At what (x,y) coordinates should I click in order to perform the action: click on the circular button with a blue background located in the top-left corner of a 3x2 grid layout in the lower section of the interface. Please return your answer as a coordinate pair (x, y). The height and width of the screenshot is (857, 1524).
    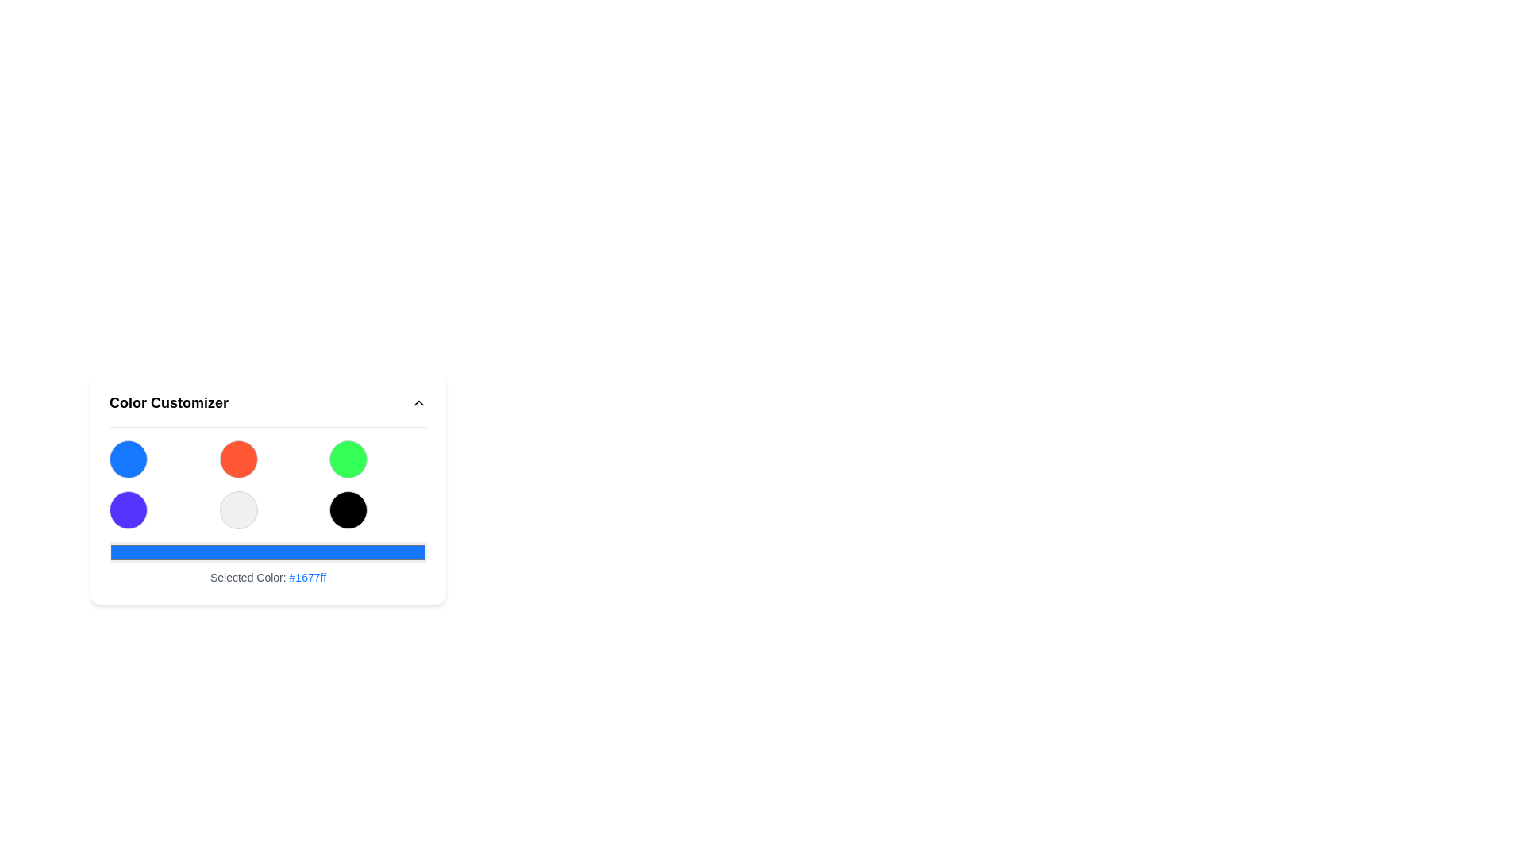
    Looking at the image, I should click on (129, 459).